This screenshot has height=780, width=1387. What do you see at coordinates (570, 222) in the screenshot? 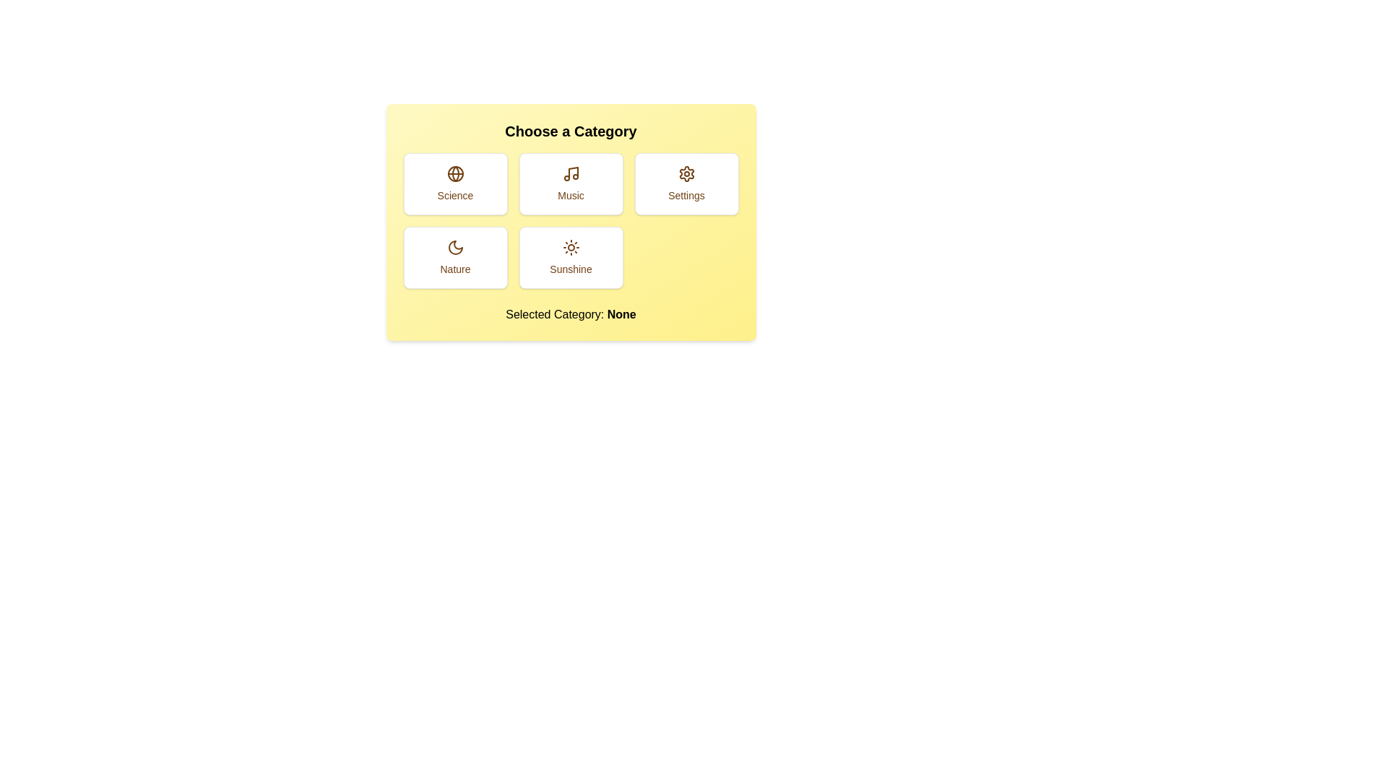
I see `one of the selectable categories in the centered Selector Component with a yellow gradient background that displays the title 'Choose a Category'` at bounding box center [570, 222].